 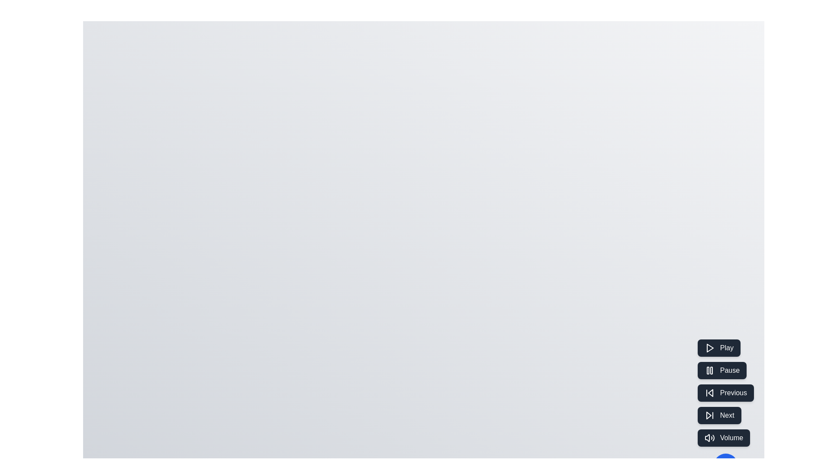 What do you see at coordinates (722, 370) in the screenshot?
I see `the Pause button to pause media playback` at bounding box center [722, 370].